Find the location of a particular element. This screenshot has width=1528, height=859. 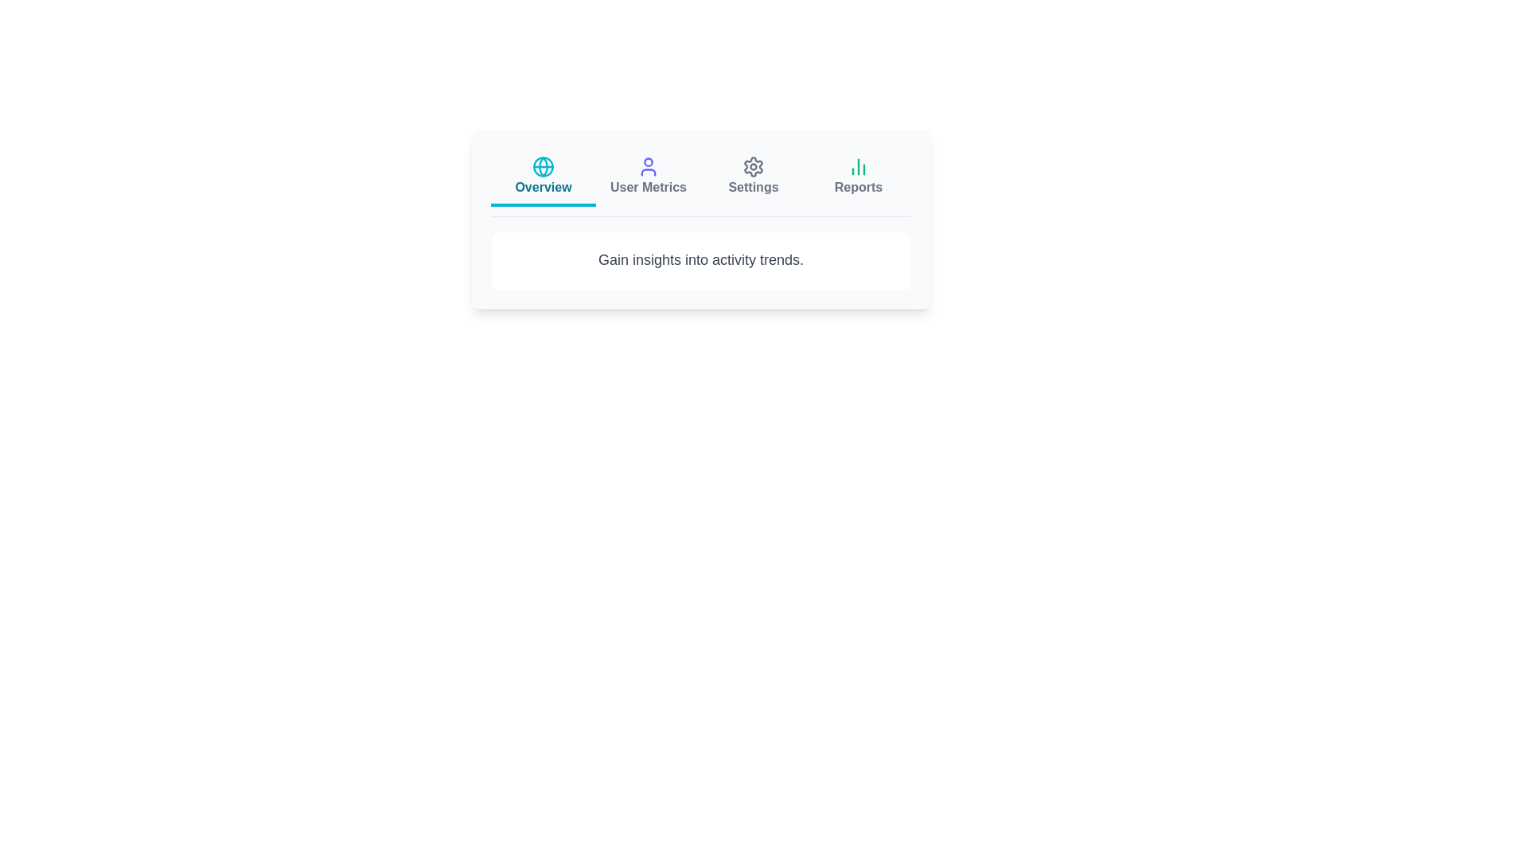

the icon of the tab labeled User Metrics is located at coordinates (649, 166).